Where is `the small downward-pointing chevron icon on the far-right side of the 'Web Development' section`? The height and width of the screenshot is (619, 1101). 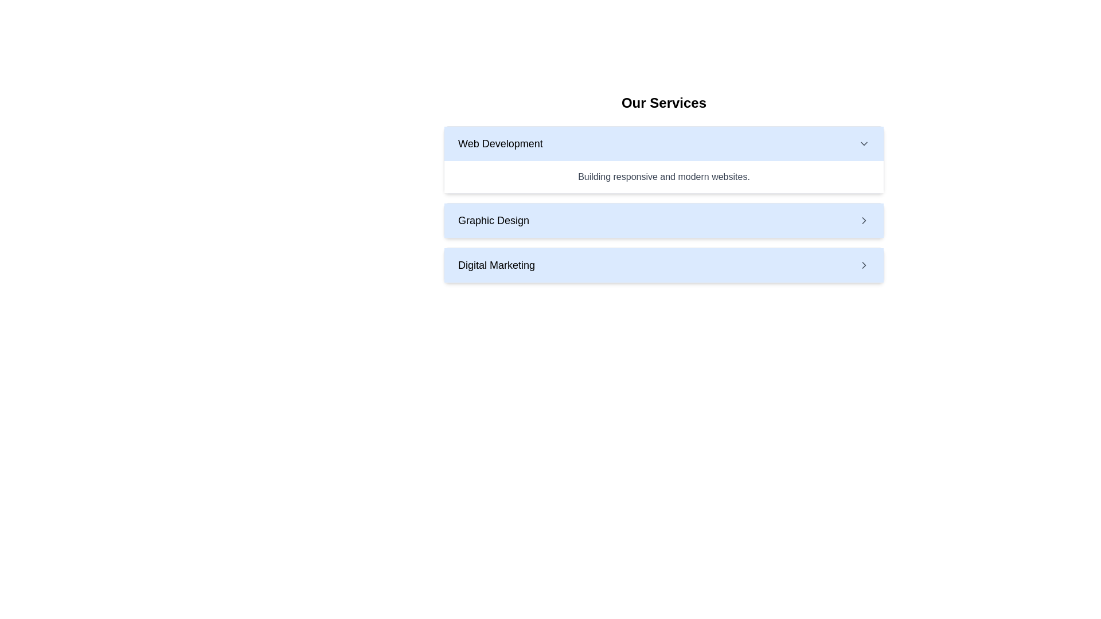 the small downward-pointing chevron icon on the far-right side of the 'Web Development' section is located at coordinates (864, 143).